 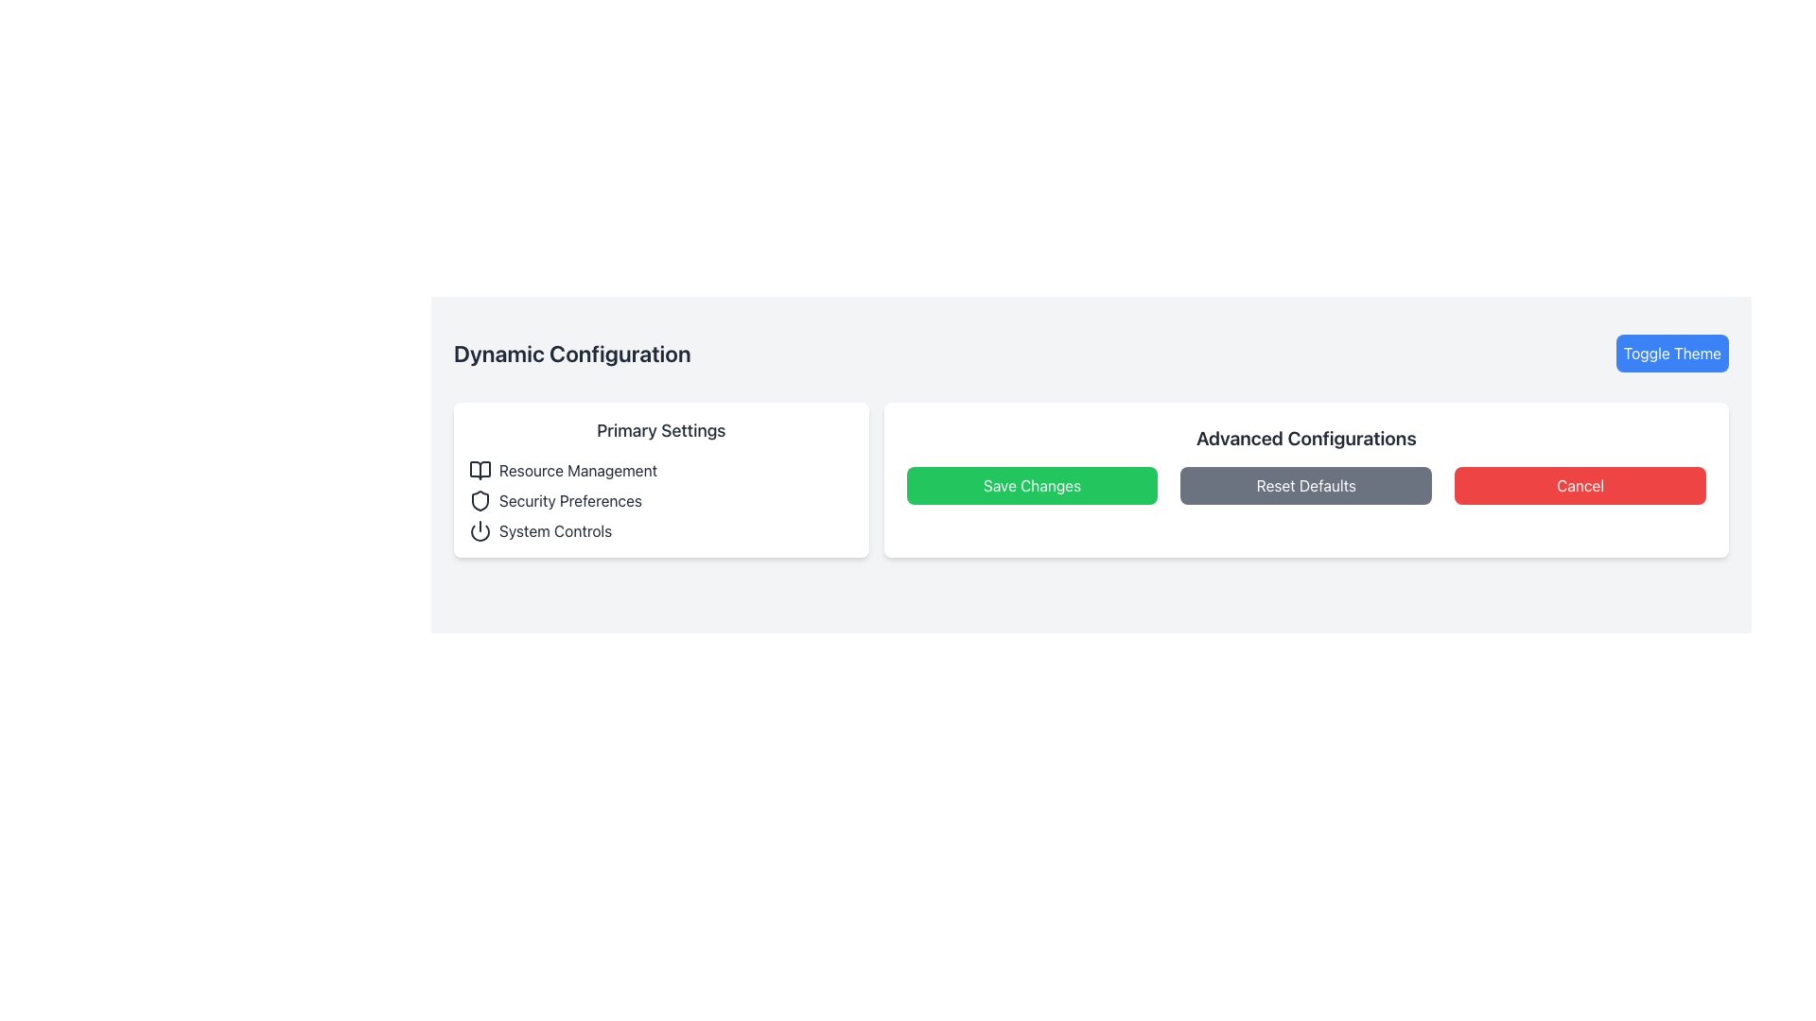 I want to click on the 'Reset Defaults' button, which is a rectangular button with a gray background and white text, located in the central section of the 'Advanced Configurations' area, so click(x=1305, y=484).